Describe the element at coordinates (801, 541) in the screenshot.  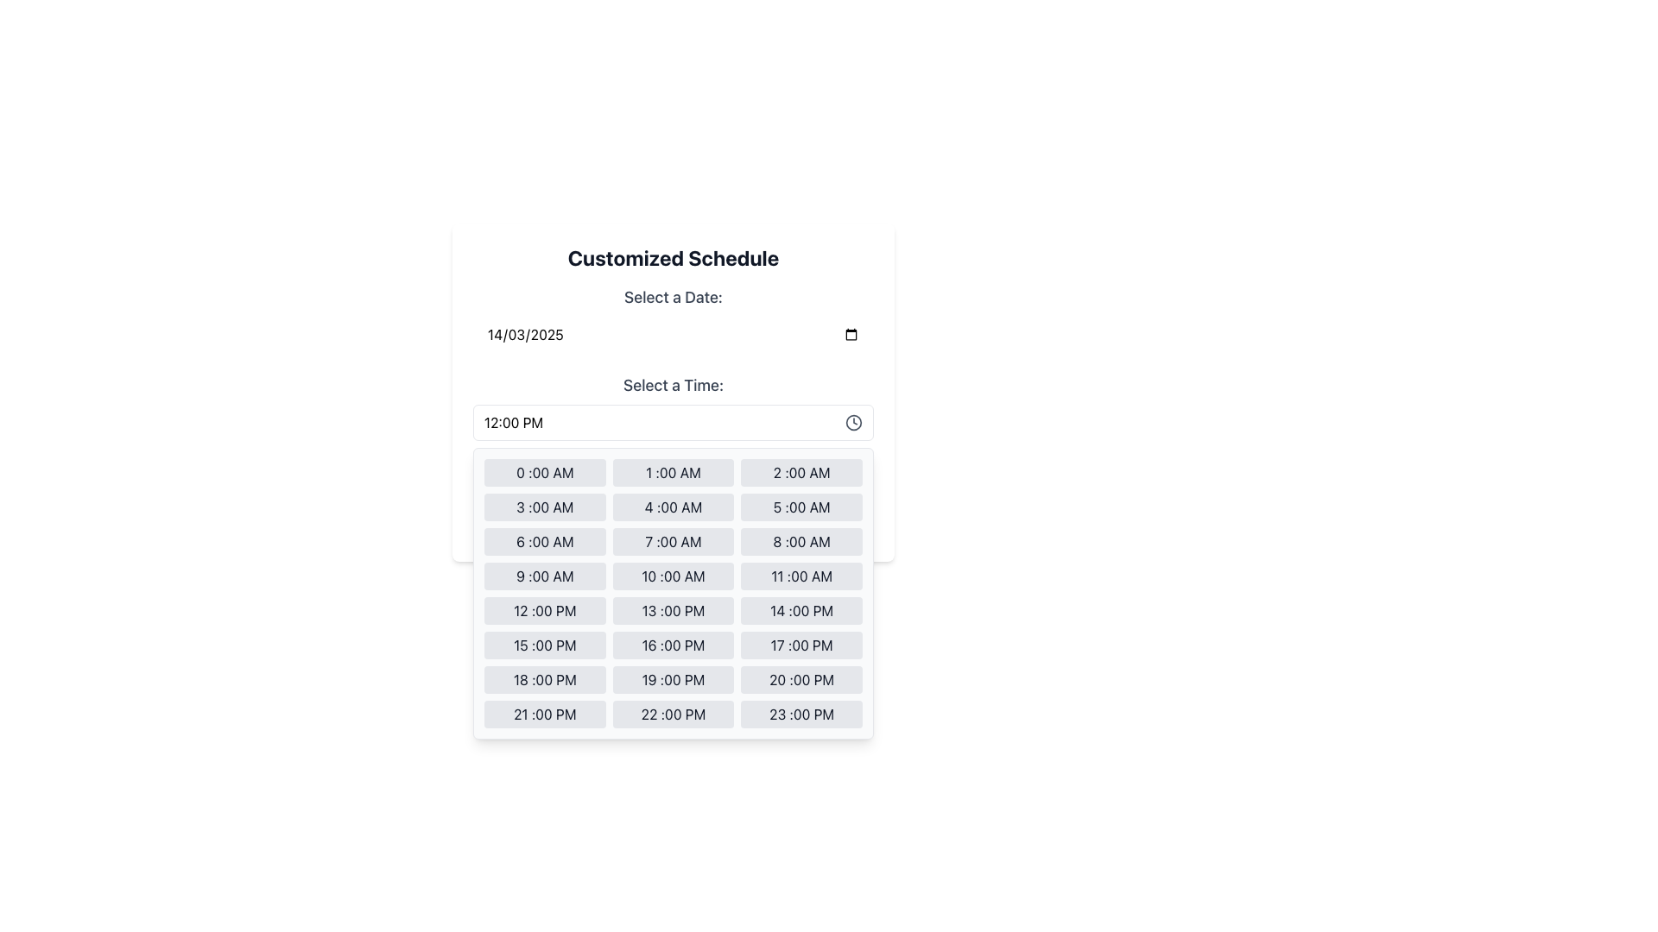
I see `the button in the third column and third row of the dropdown panel labeled 'Select a Time'` at that location.